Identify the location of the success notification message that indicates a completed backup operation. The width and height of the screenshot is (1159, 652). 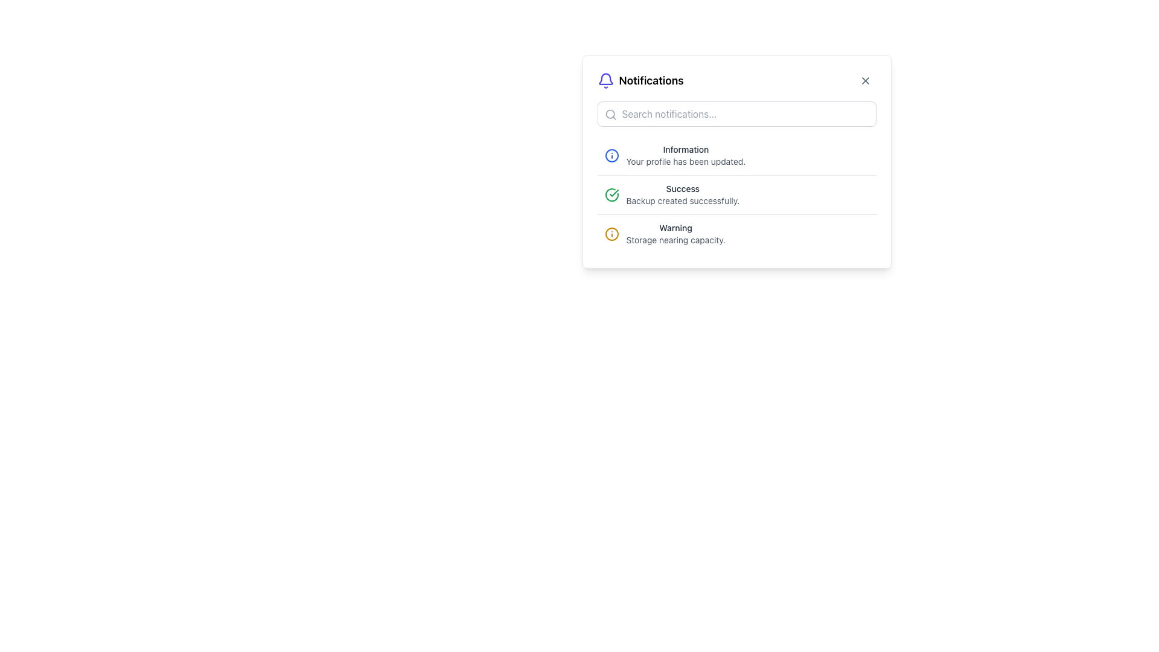
(683, 194).